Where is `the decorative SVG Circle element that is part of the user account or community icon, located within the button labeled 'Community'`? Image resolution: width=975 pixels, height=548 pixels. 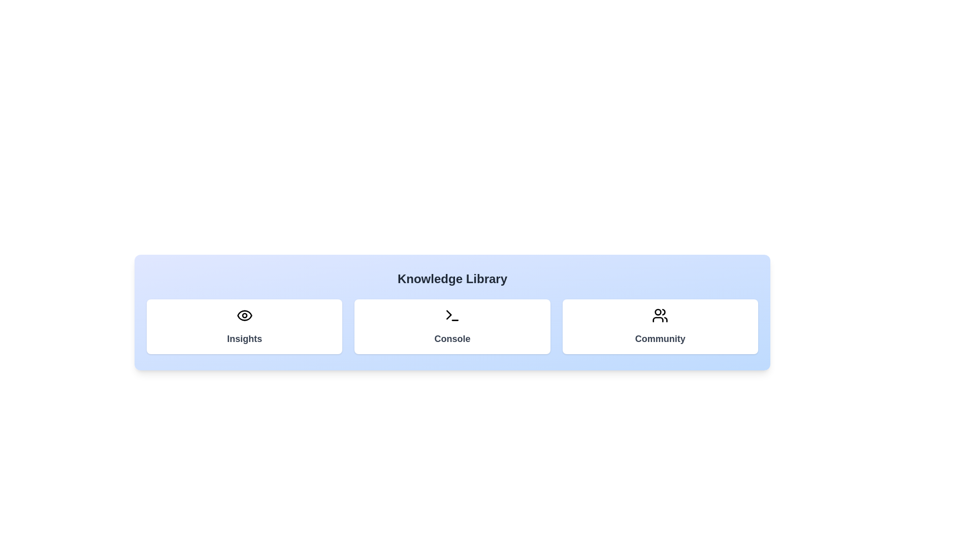 the decorative SVG Circle element that is part of the user account or community icon, located within the button labeled 'Community' is located at coordinates (658, 312).